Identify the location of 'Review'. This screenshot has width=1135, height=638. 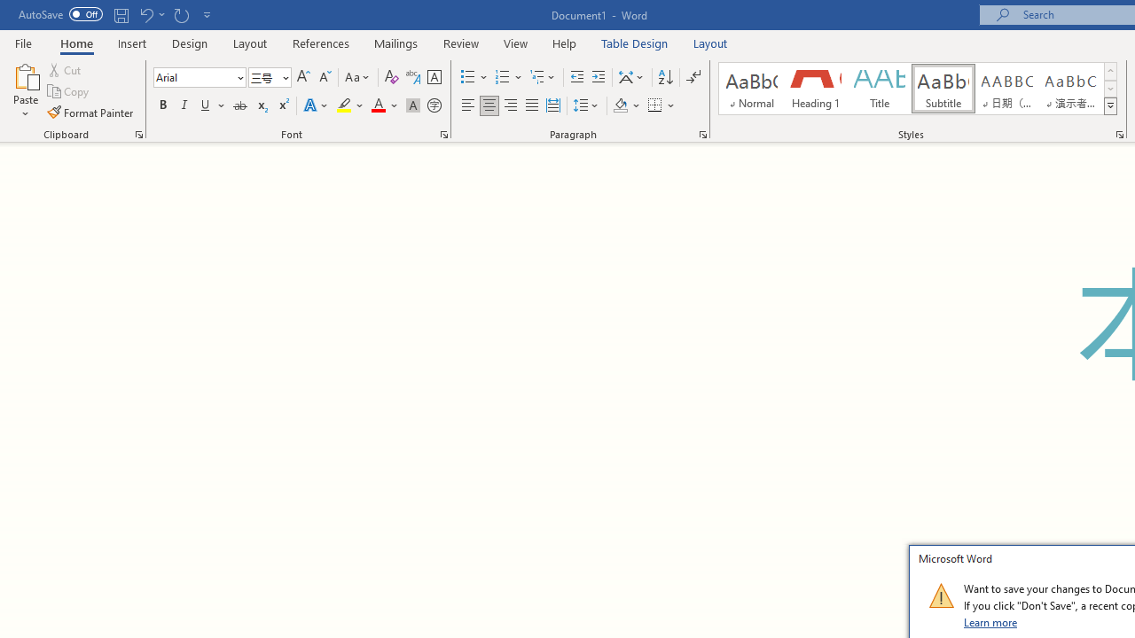
(461, 43).